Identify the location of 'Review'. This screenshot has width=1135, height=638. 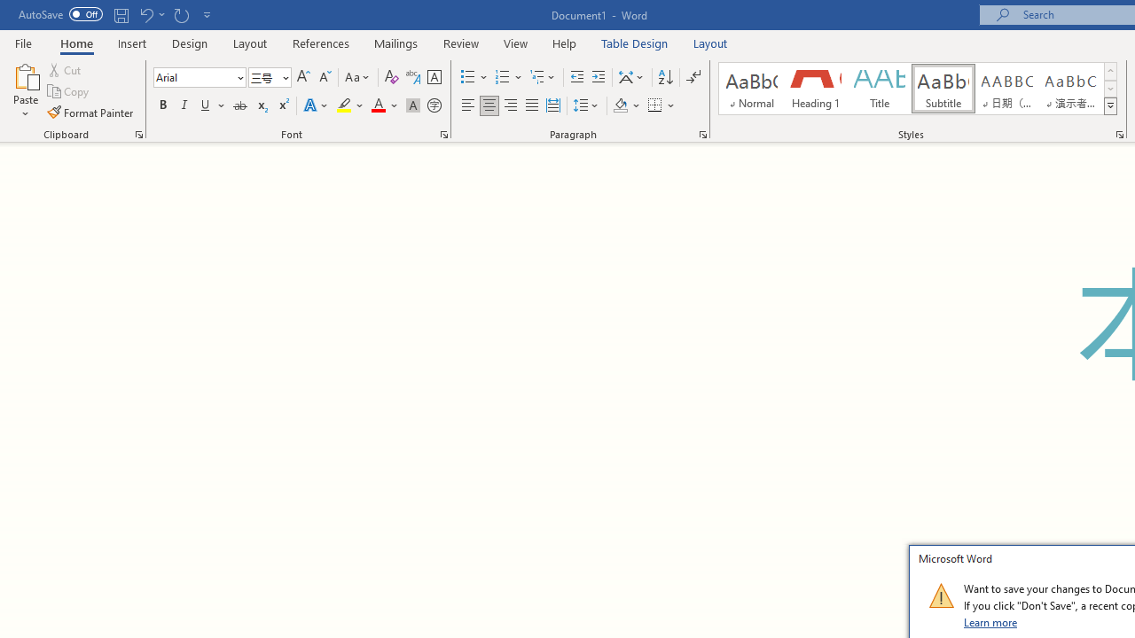
(461, 43).